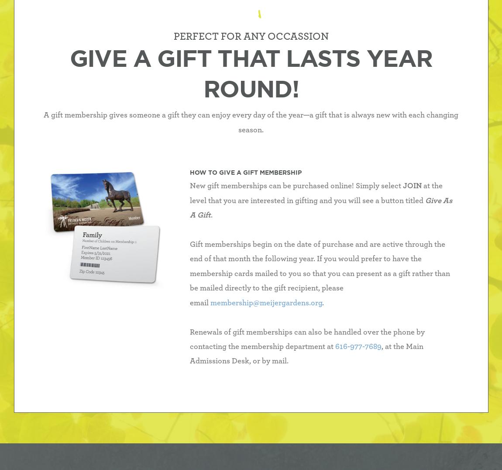 This screenshot has width=502, height=470. Describe the element at coordinates (251, 122) in the screenshot. I see `'A gift membership gives someone a gift they can enjoy every day of the year—a gift that is always new with each changing season.'` at that location.